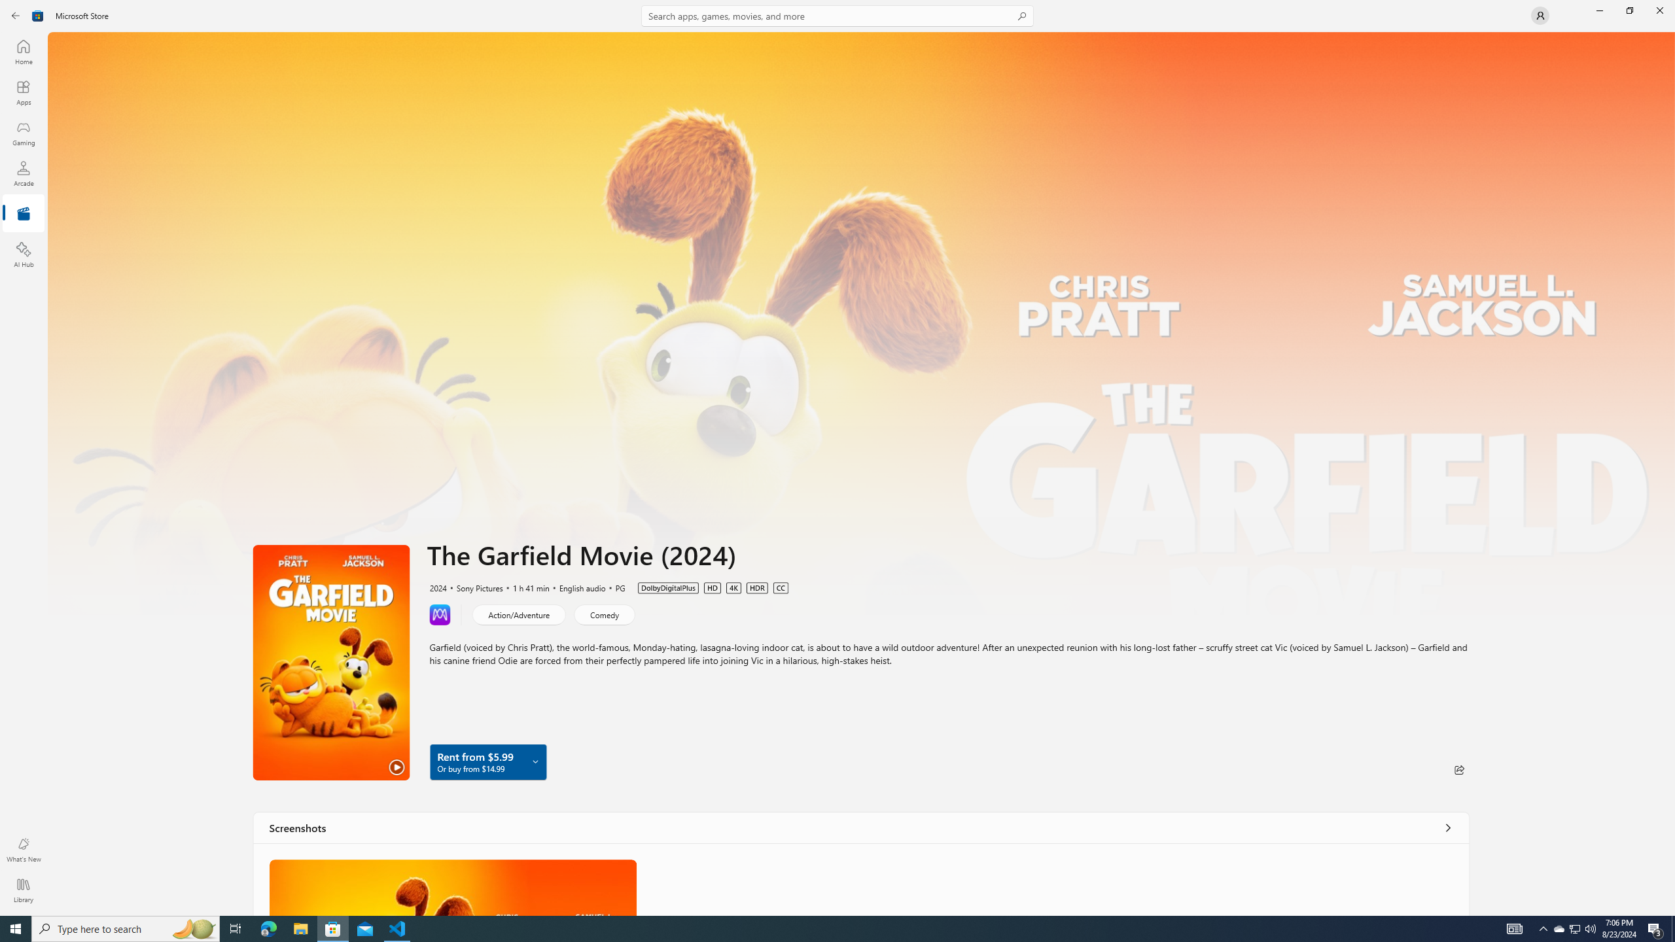 This screenshot has width=1675, height=942. I want to click on 'Learn more about Movies Anywhere', so click(440, 614).